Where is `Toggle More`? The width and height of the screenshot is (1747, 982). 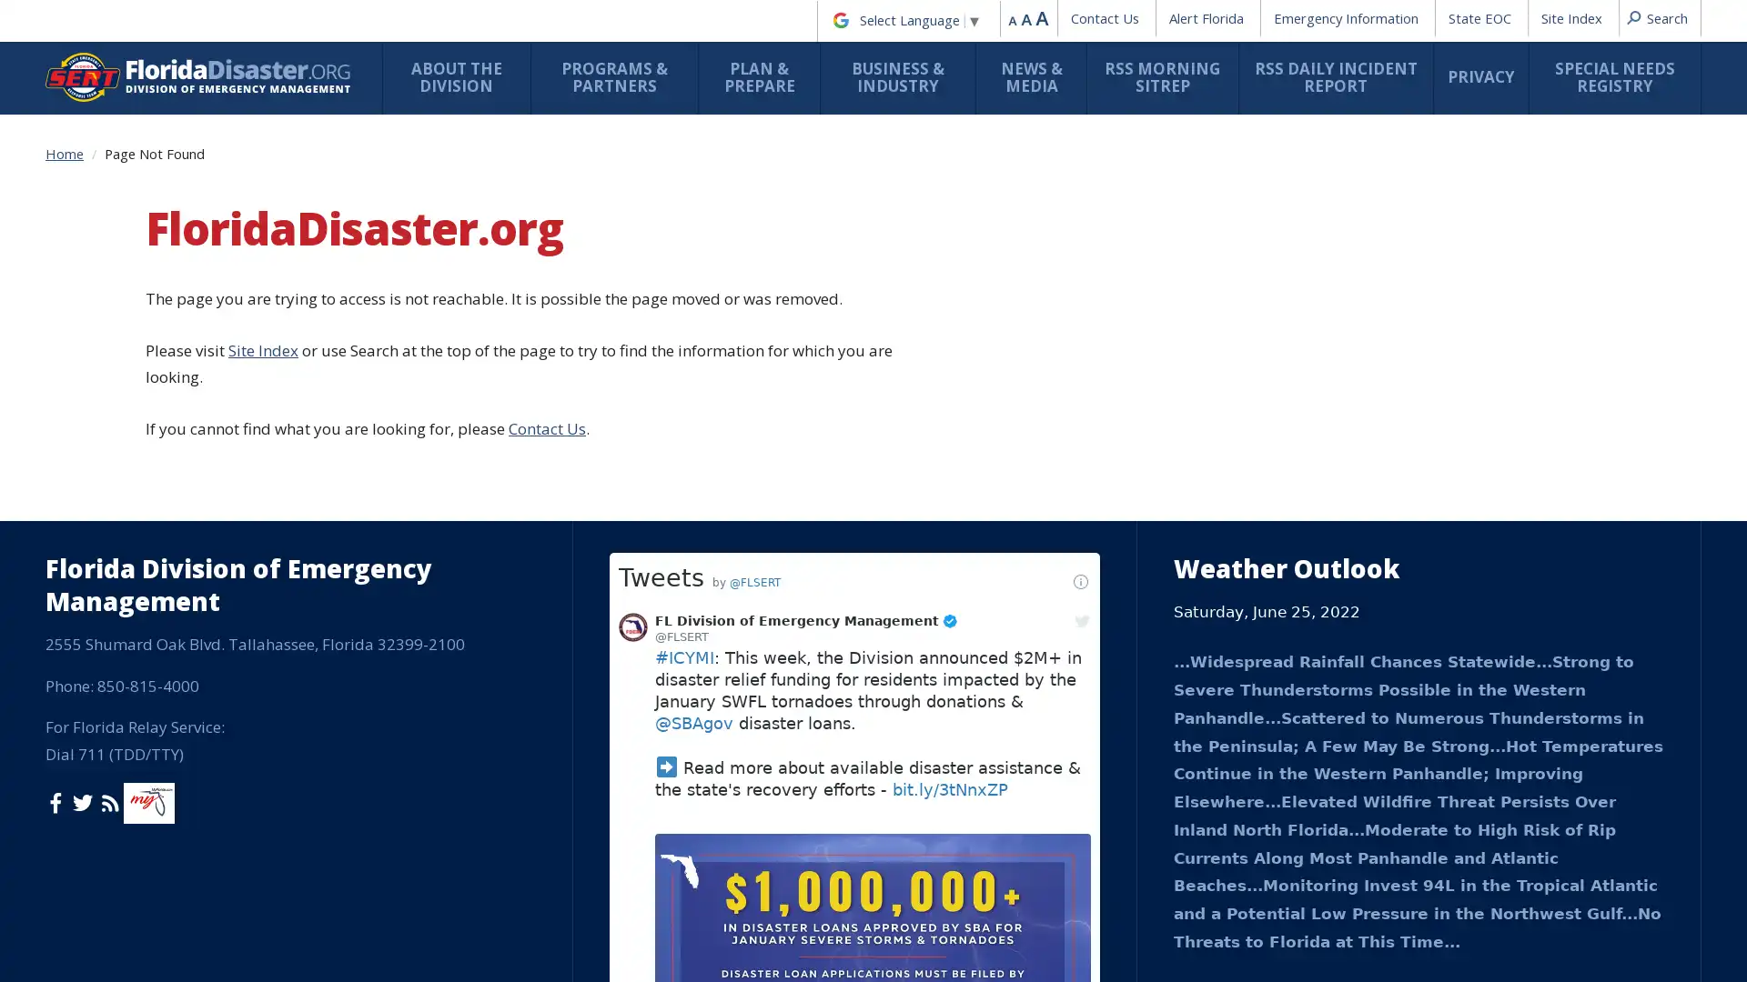 Toggle More is located at coordinates (912, 787).